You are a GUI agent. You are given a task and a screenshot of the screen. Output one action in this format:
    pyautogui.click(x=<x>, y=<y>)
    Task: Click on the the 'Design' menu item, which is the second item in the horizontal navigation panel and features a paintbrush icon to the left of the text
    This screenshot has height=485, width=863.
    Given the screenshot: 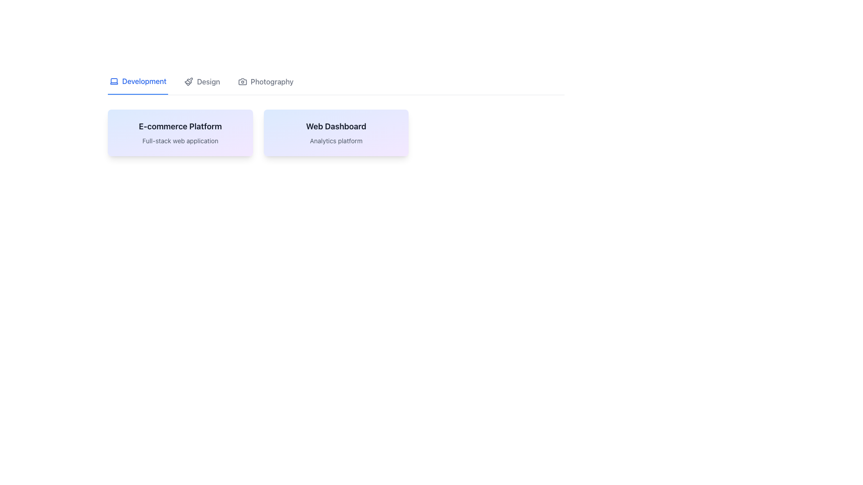 What is the action you would take?
    pyautogui.click(x=202, y=85)
    